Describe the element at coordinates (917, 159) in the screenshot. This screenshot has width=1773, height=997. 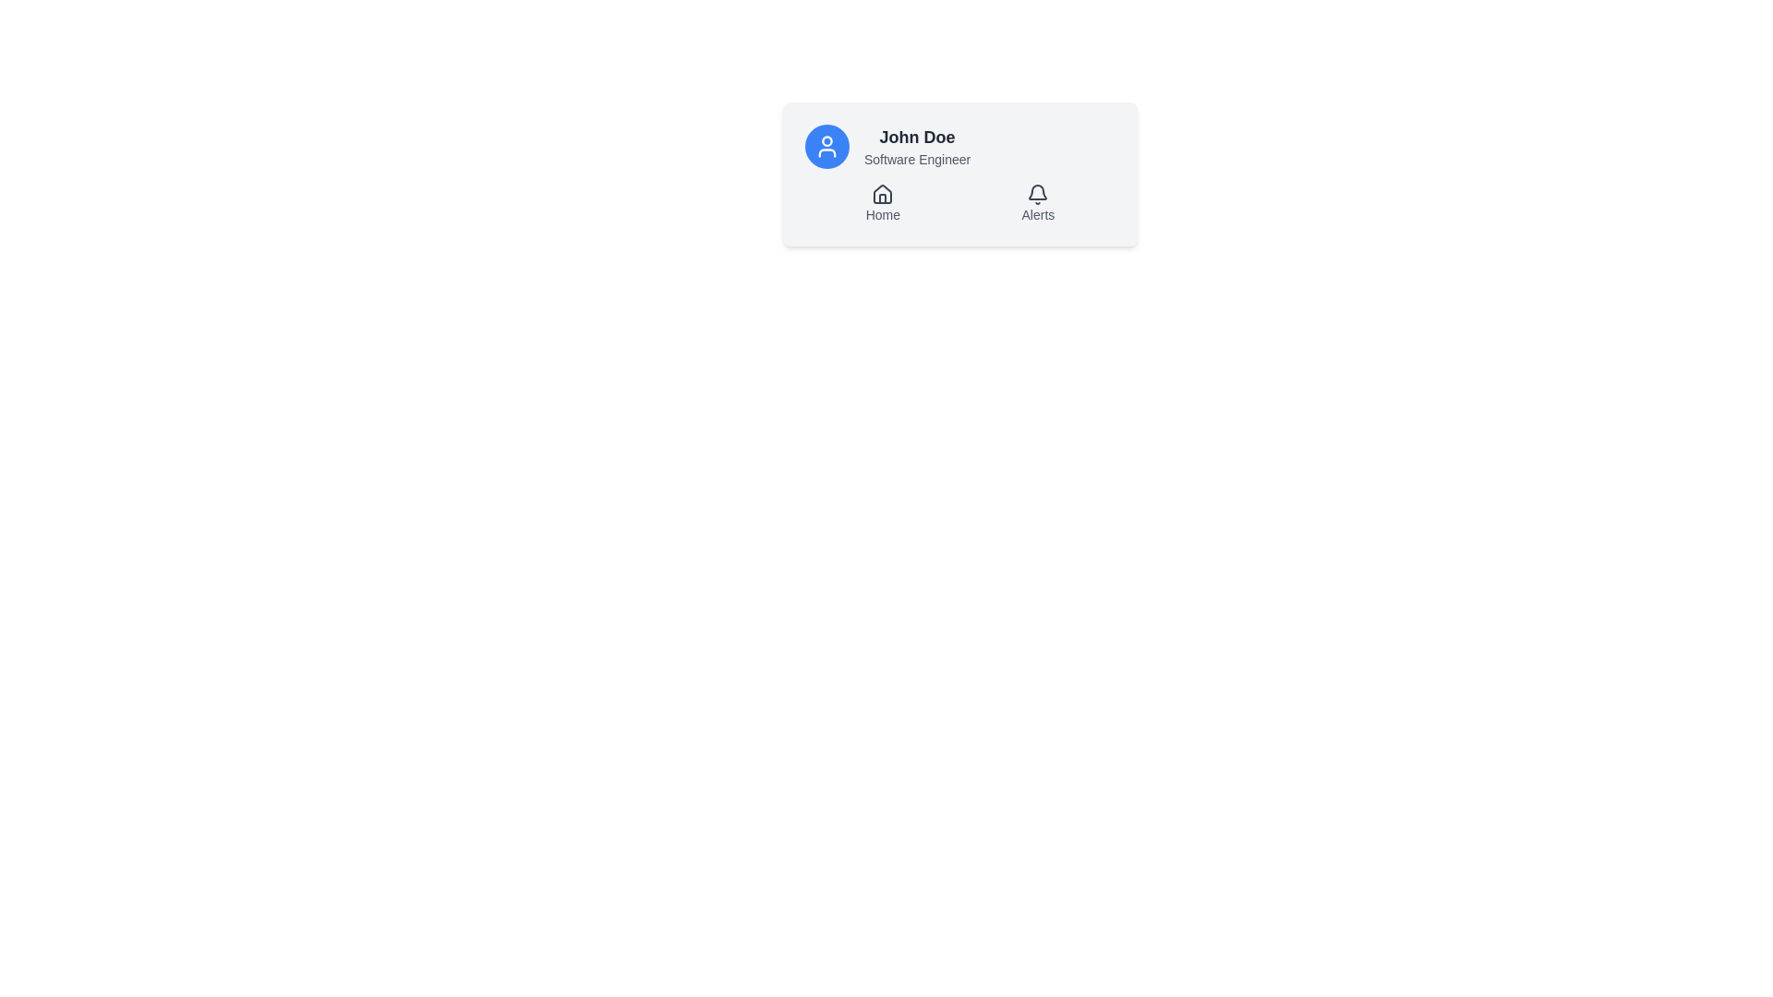
I see `the static text indicating the professional title of user 'John Doe', which is located below the name and centered horizontally under the profile picture` at that location.